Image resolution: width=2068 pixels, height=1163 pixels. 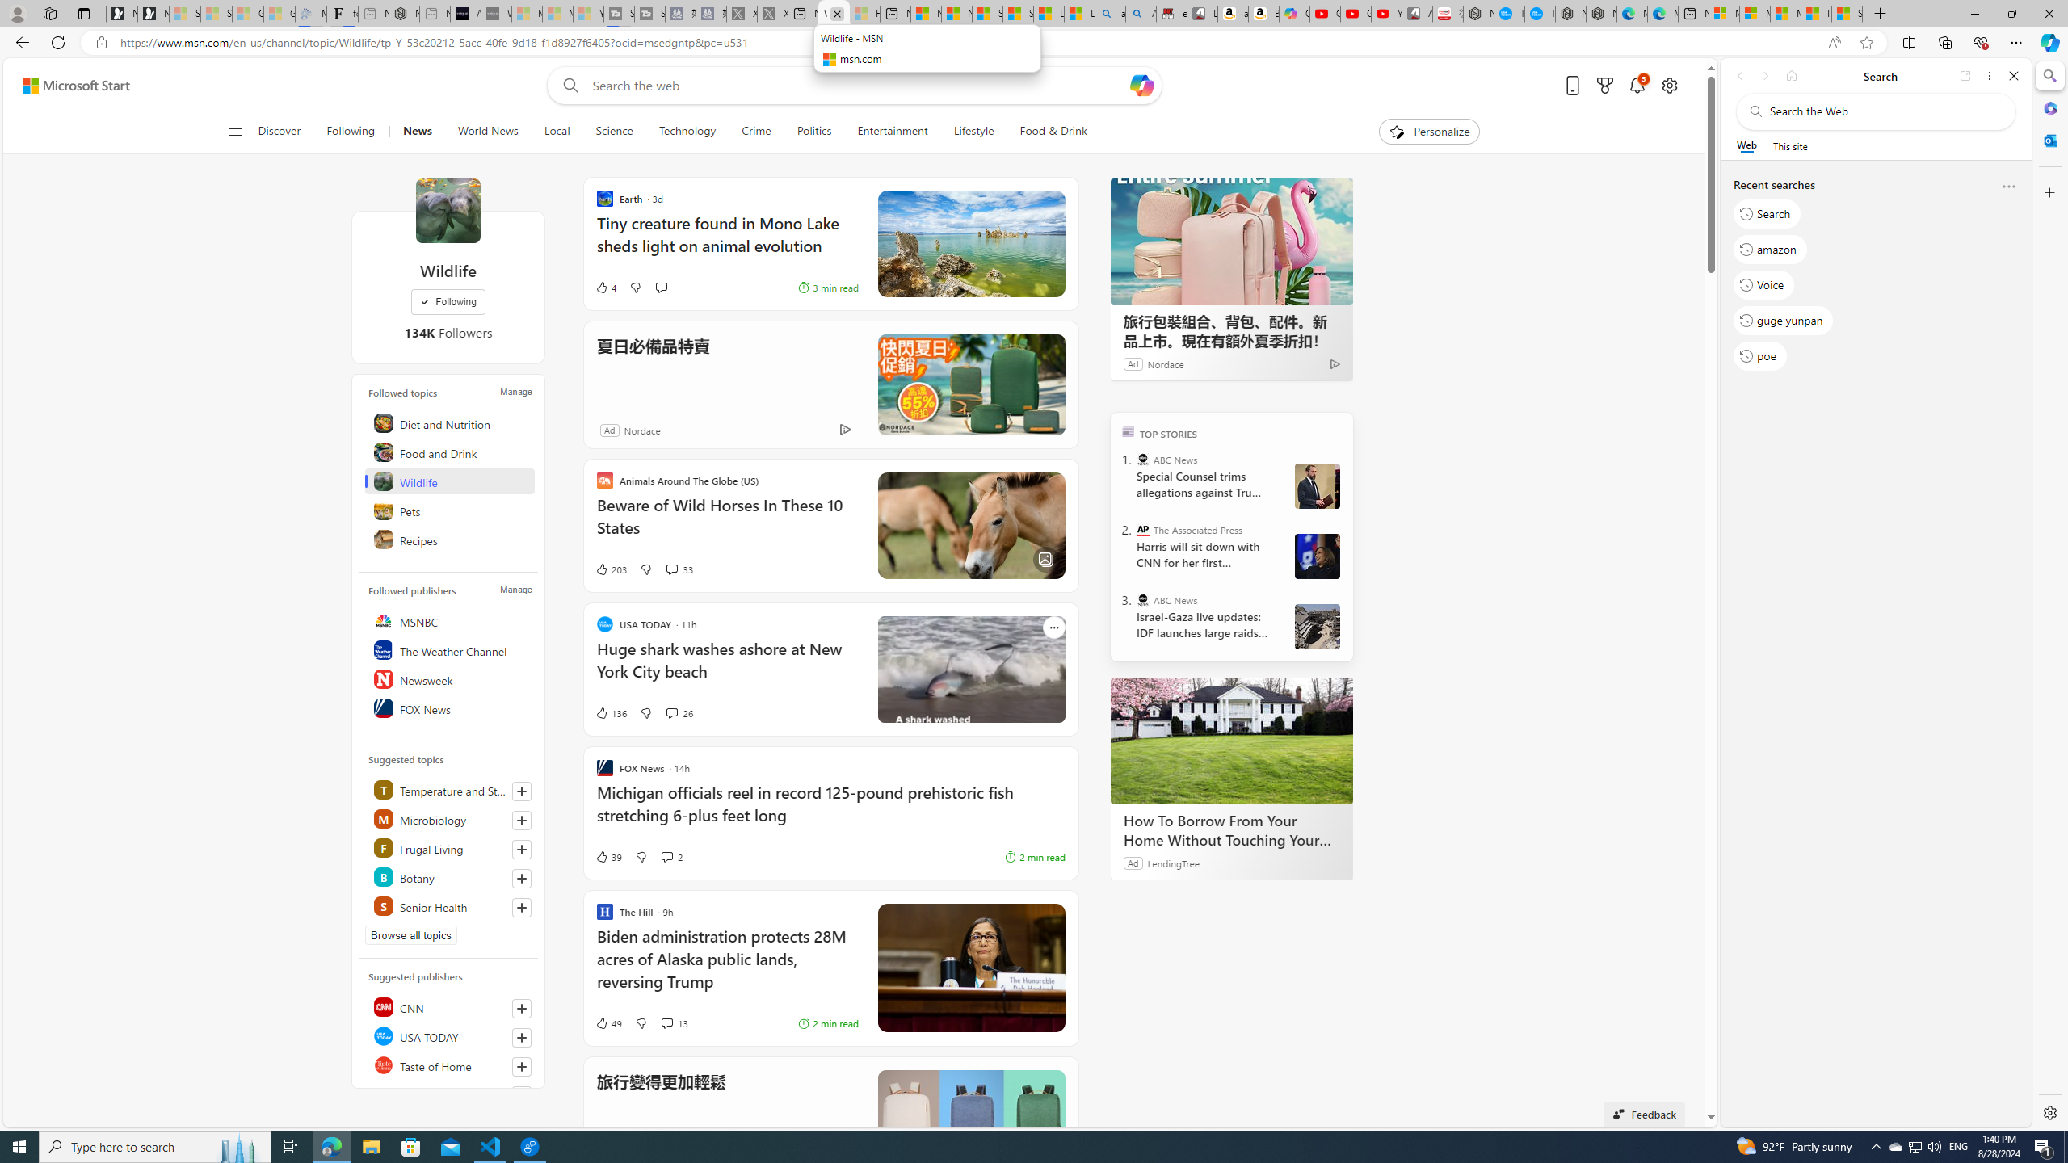 I want to click on 'What', so click(x=495, y=13).